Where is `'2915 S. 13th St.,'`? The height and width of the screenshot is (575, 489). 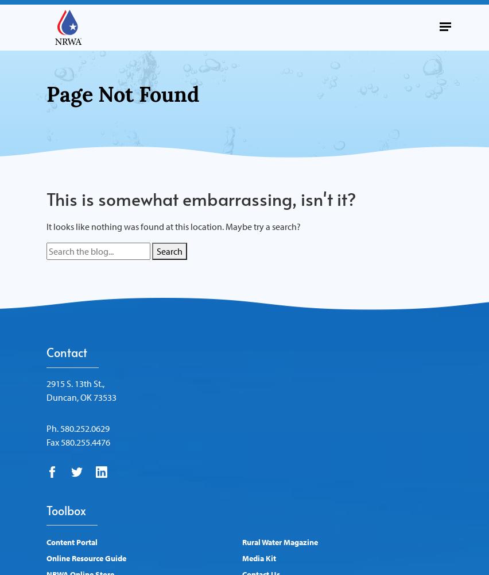 '2915 S. 13th St.,' is located at coordinates (75, 383).